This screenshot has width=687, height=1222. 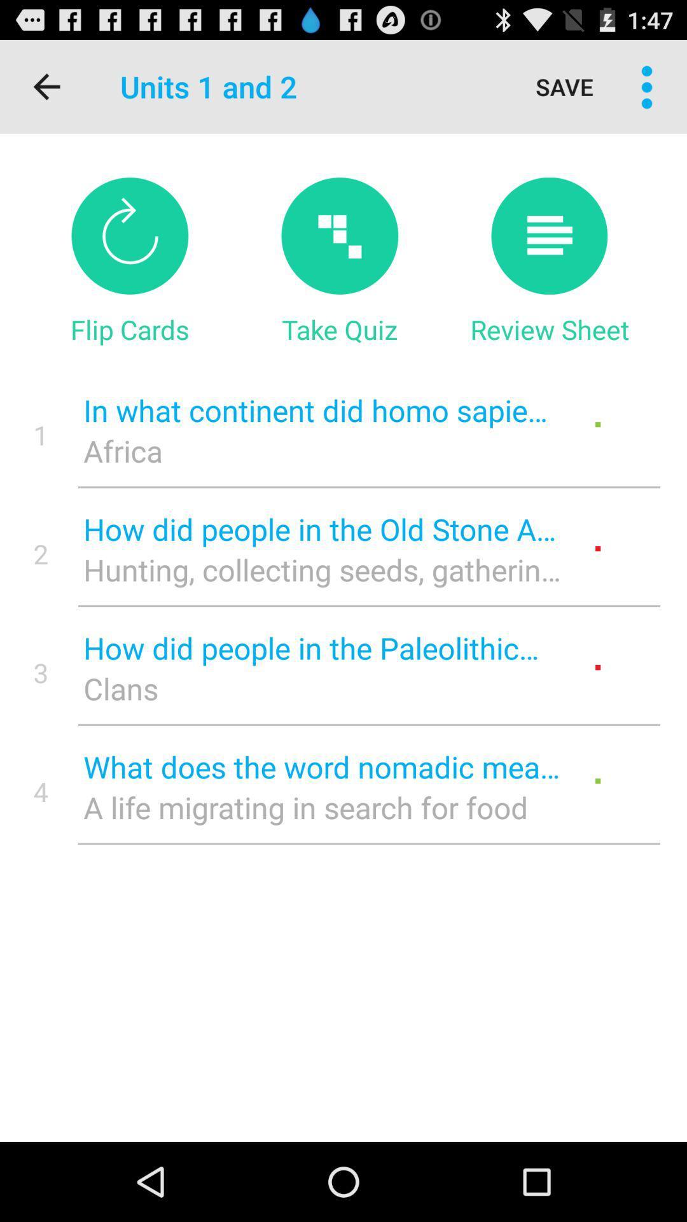 I want to click on item to the right of the 4 item, so click(x=321, y=766).